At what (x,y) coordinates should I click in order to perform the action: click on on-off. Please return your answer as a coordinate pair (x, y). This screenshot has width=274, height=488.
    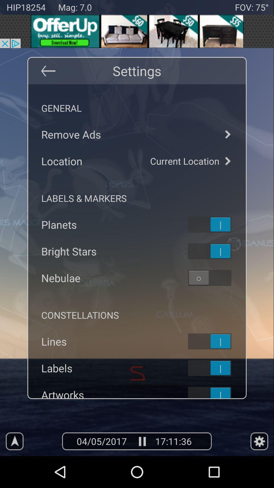
    Looking at the image, I should click on (216, 391).